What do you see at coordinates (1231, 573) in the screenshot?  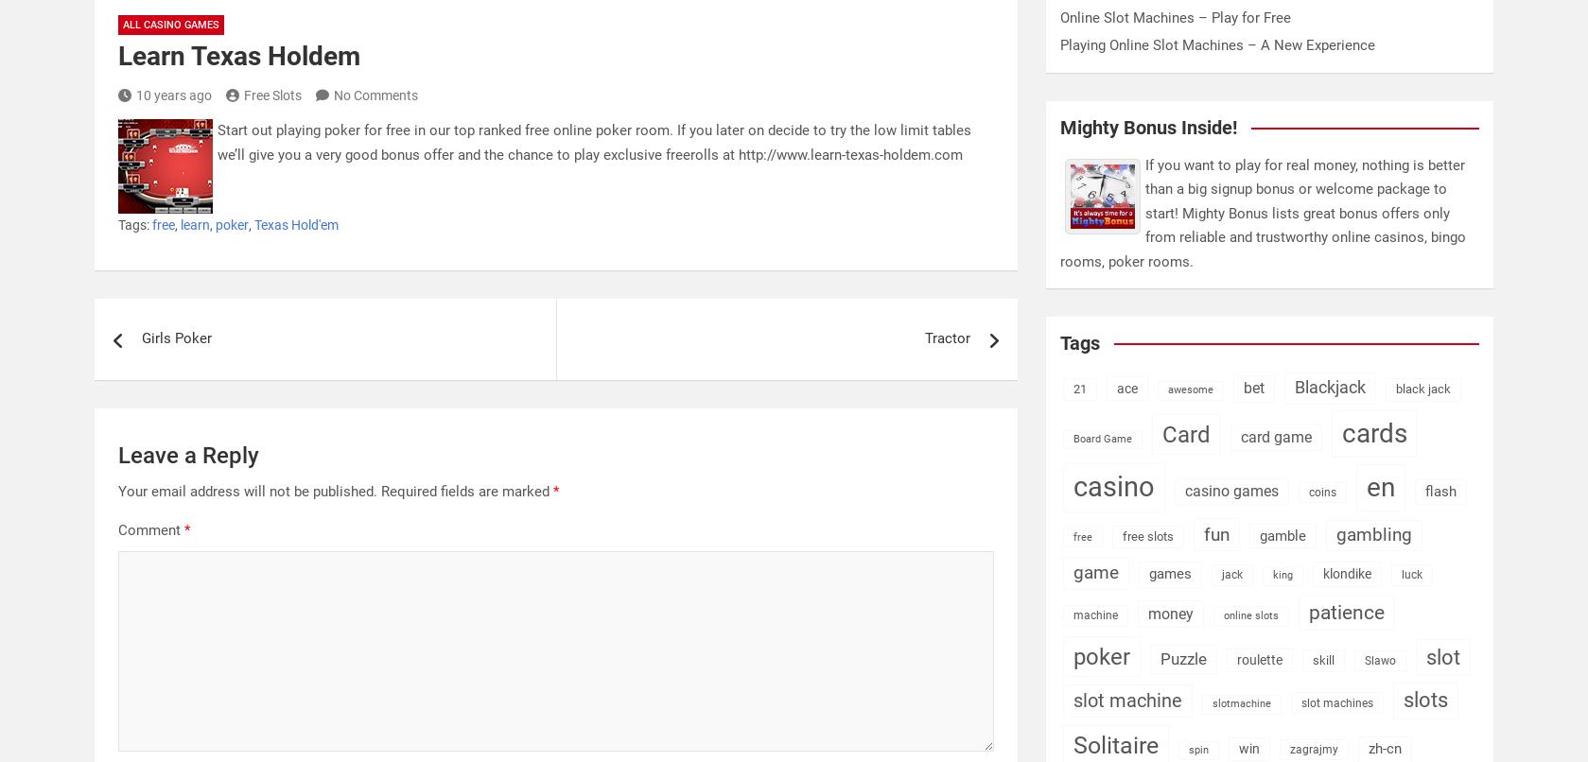 I see `'jack'` at bounding box center [1231, 573].